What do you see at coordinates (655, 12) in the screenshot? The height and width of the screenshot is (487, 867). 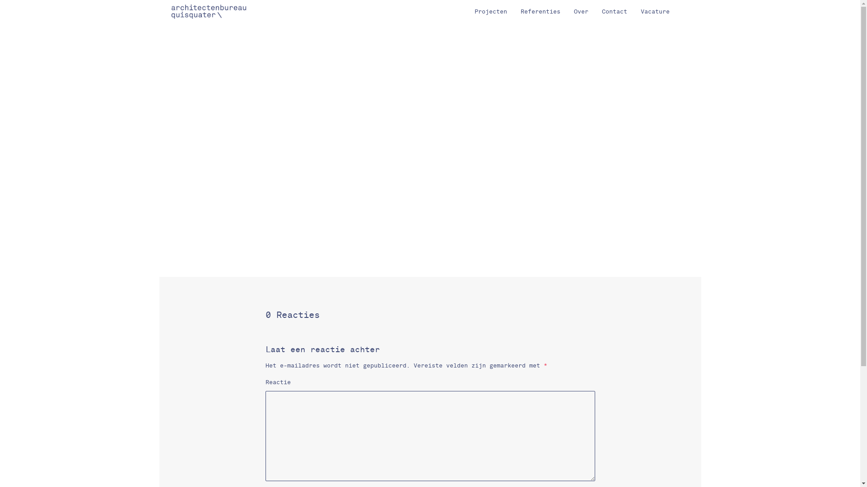 I see `'Vacature'` at bounding box center [655, 12].